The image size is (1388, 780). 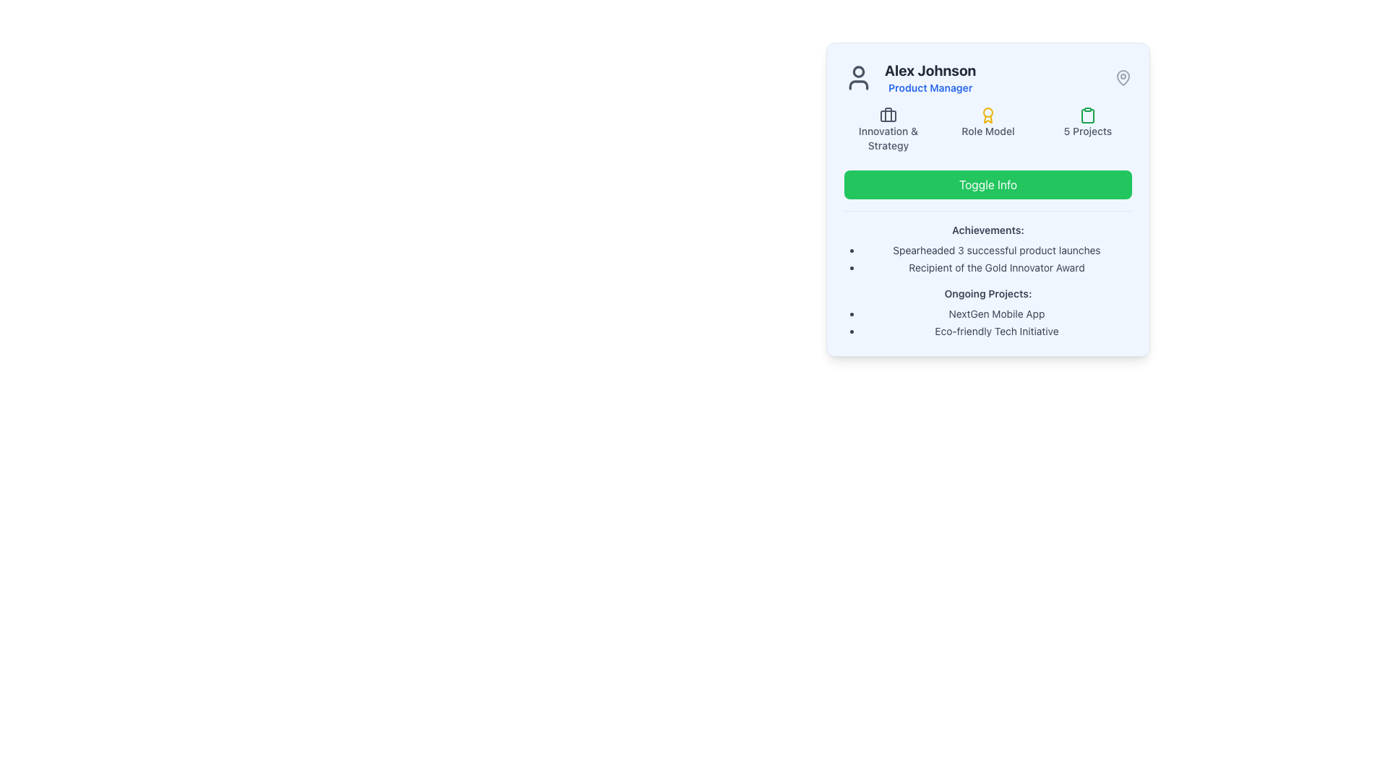 What do you see at coordinates (887, 116) in the screenshot?
I see `the rectangular decorative element within the briefcase icon located in the top left area of the interface` at bounding box center [887, 116].